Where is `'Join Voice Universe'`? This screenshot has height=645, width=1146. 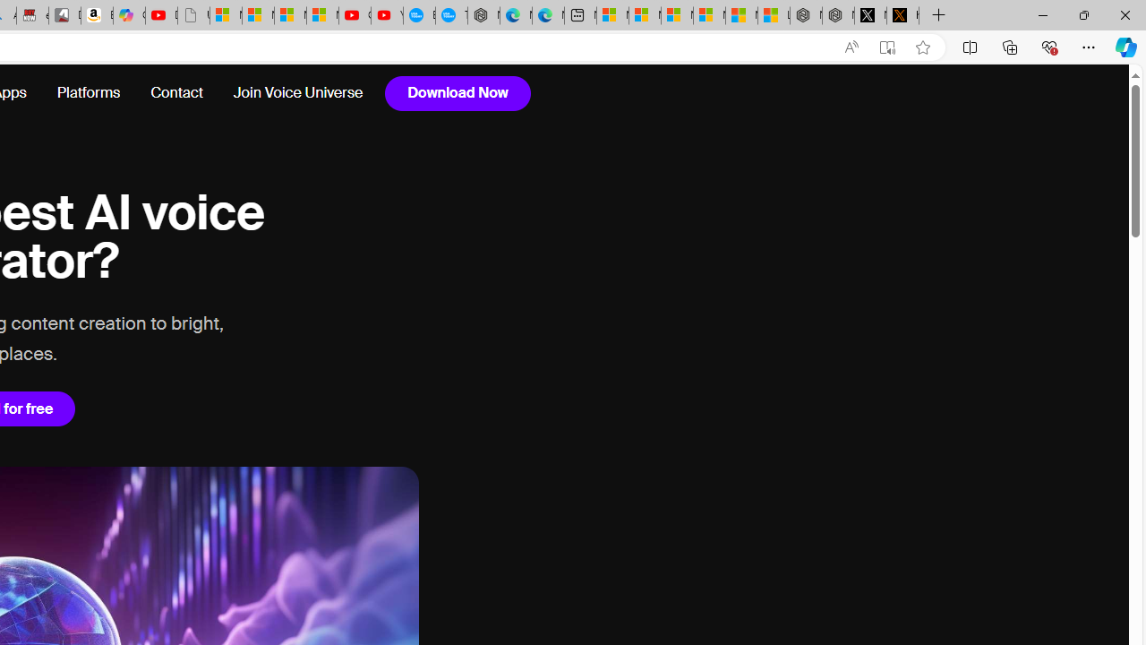
'Join Voice Universe' is located at coordinates (297, 93).